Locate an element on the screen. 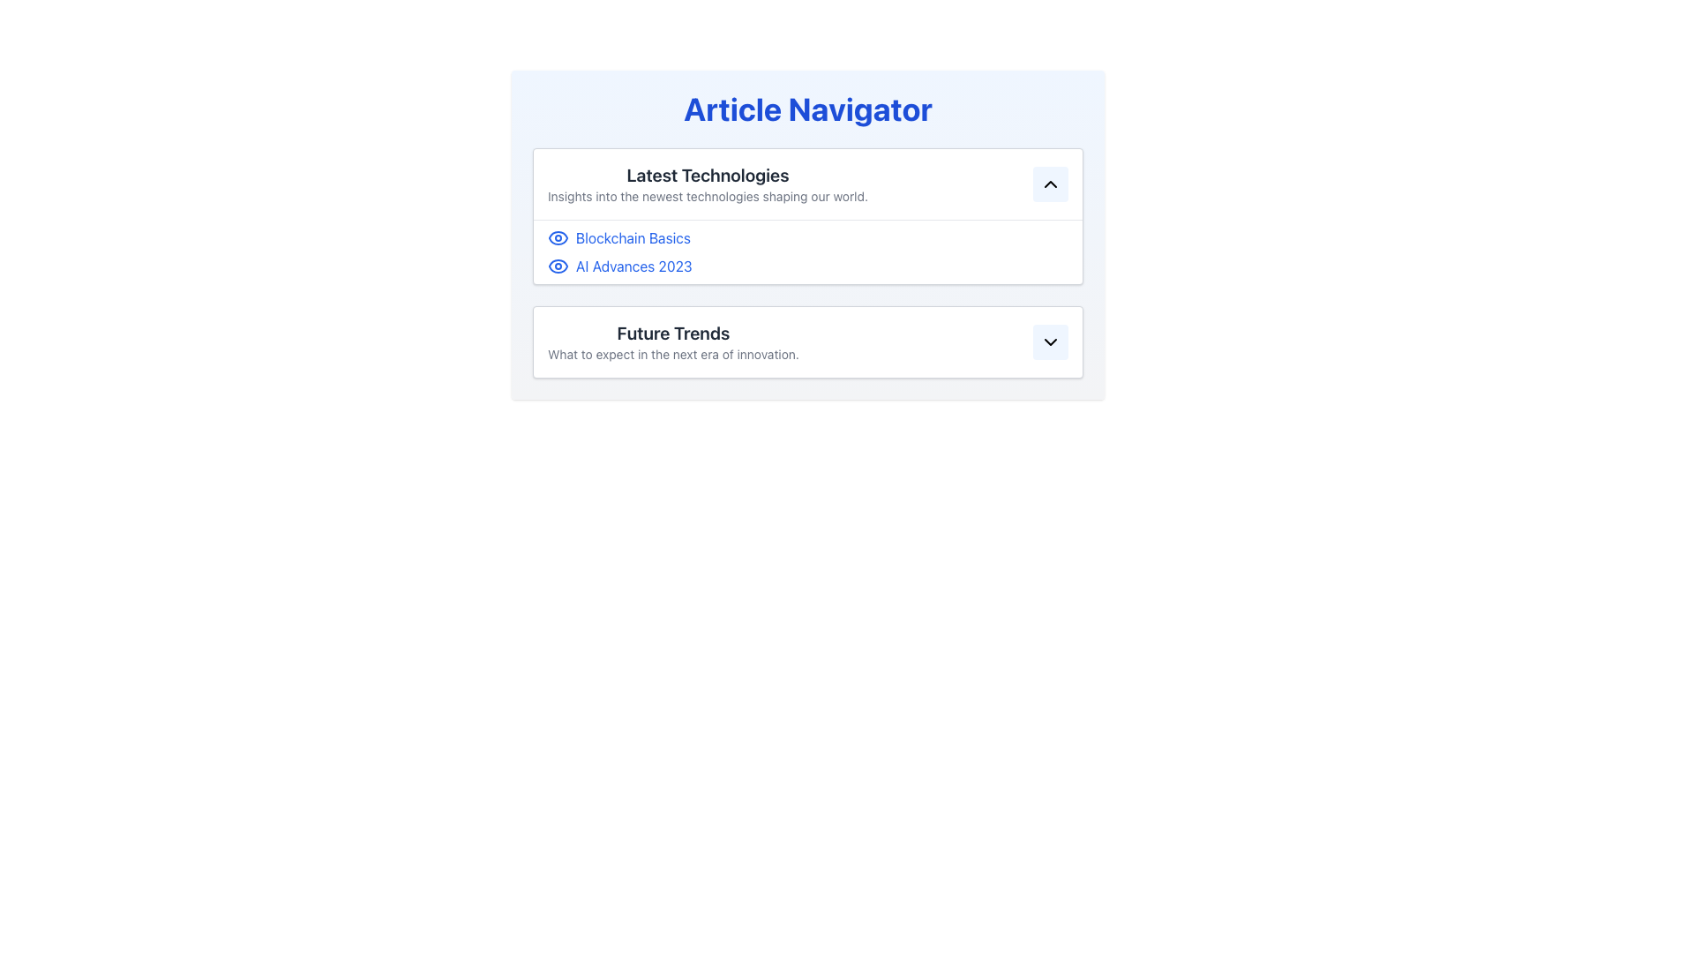 The image size is (1694, 953). the text label displaying 'Latest Technologies' in bold and large dark gray font, which is prominently positioned at the top of the interface is located at coordinates (708, 176).